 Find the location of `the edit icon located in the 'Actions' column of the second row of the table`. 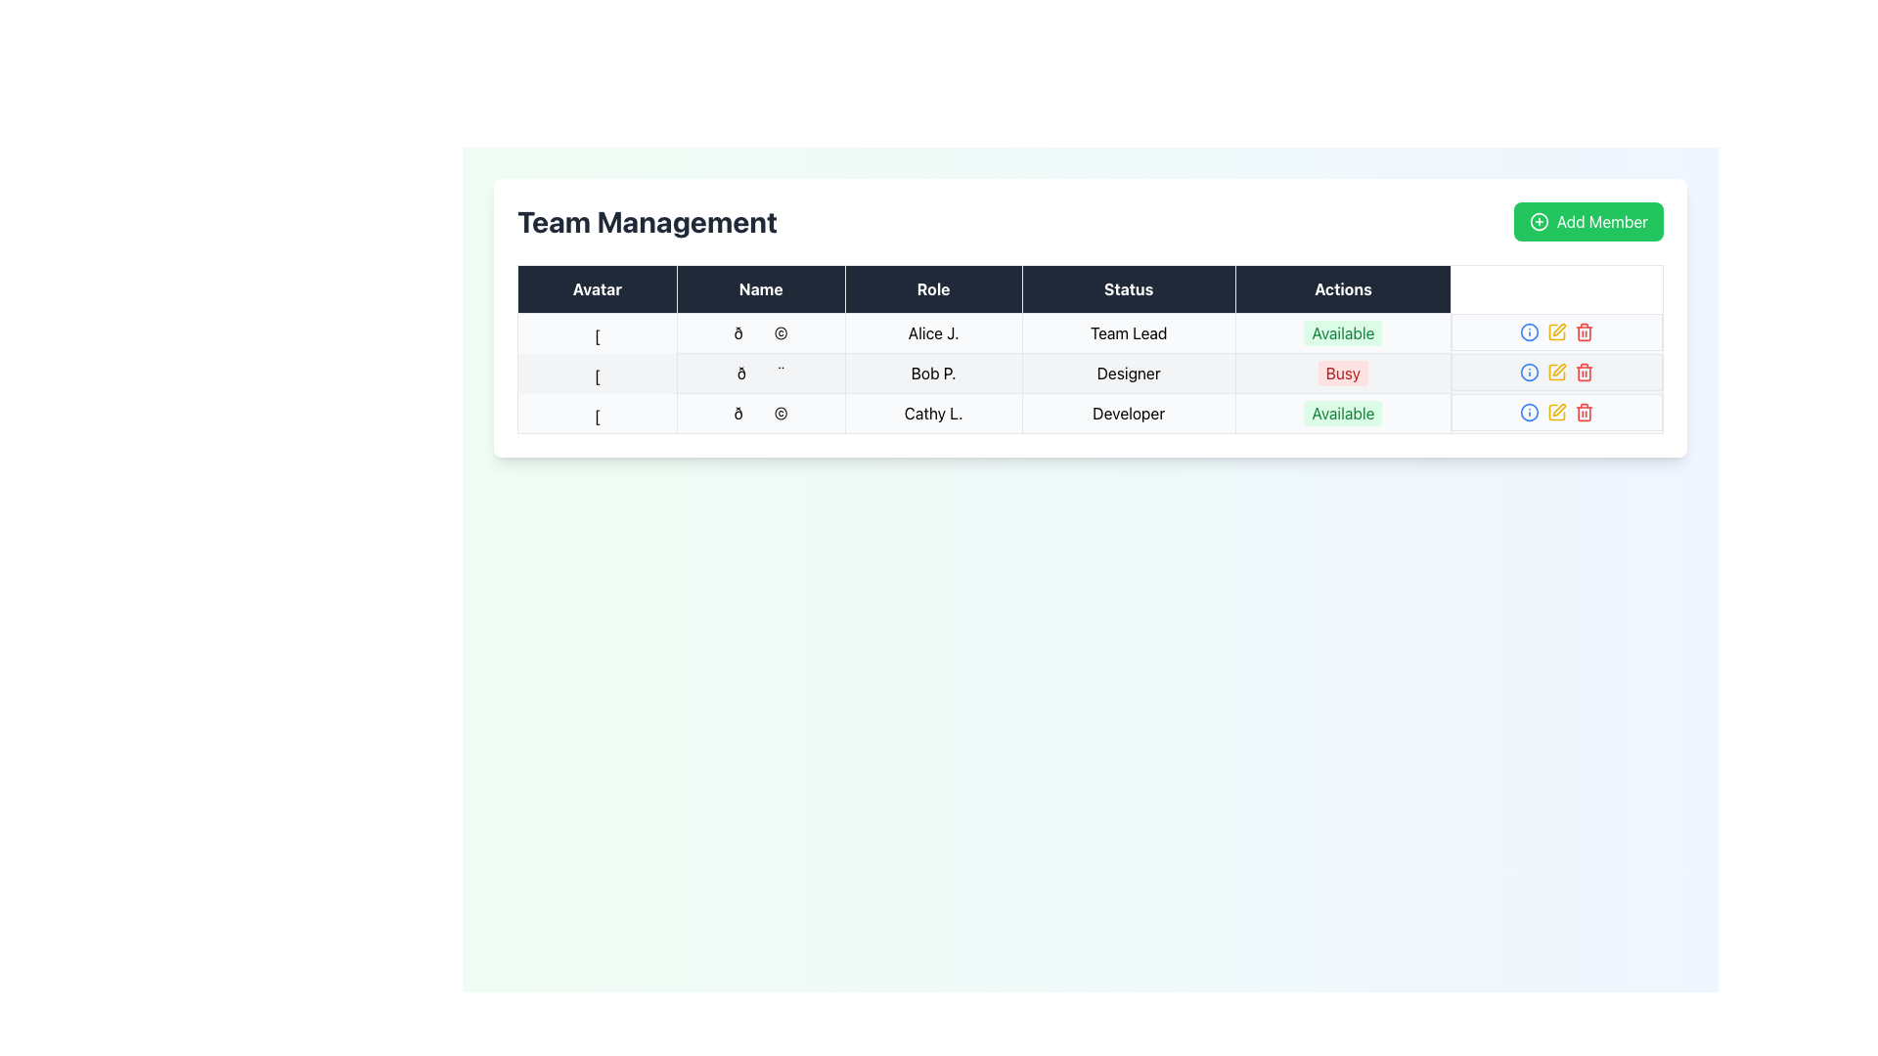

the edit icon located in the 'Actions' column of the second row of the table is located at coordinates (1556, 330).